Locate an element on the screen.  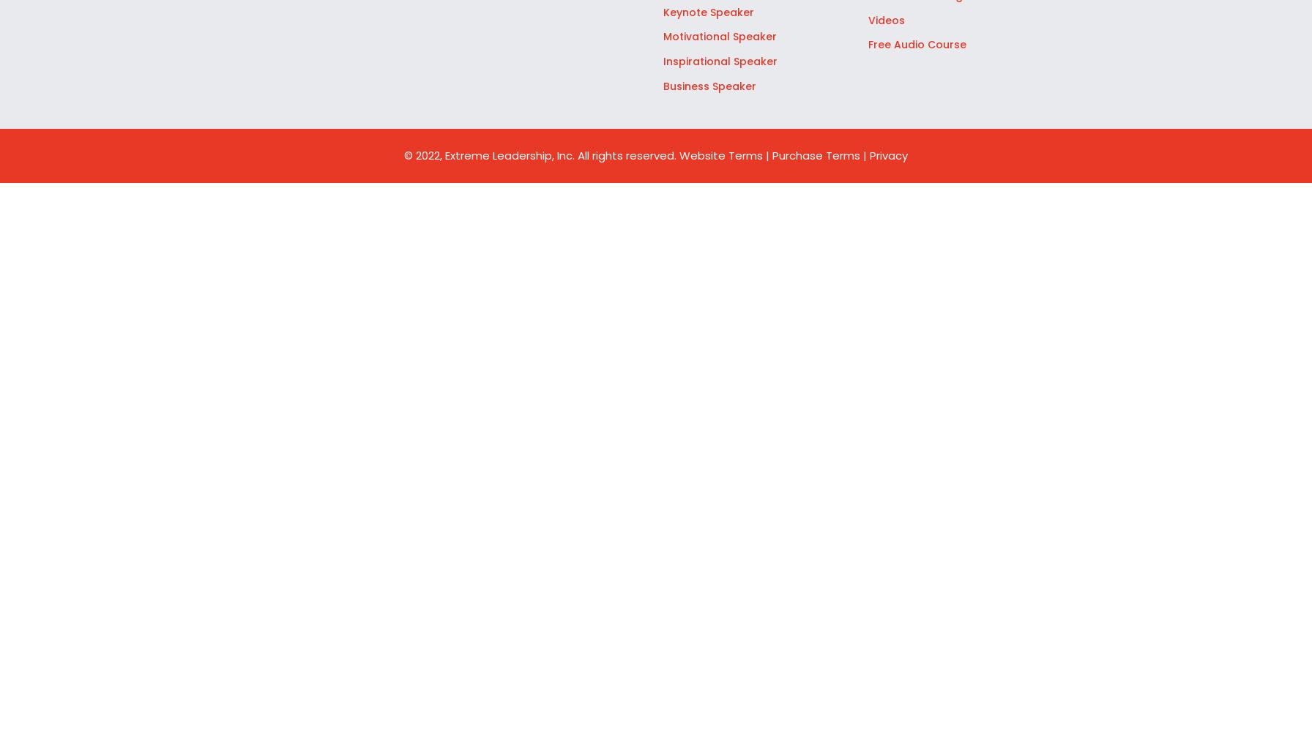
'© 2022, Extreme Leadership, Inc. All rights reserved.' is located at coordinates (541, 154).